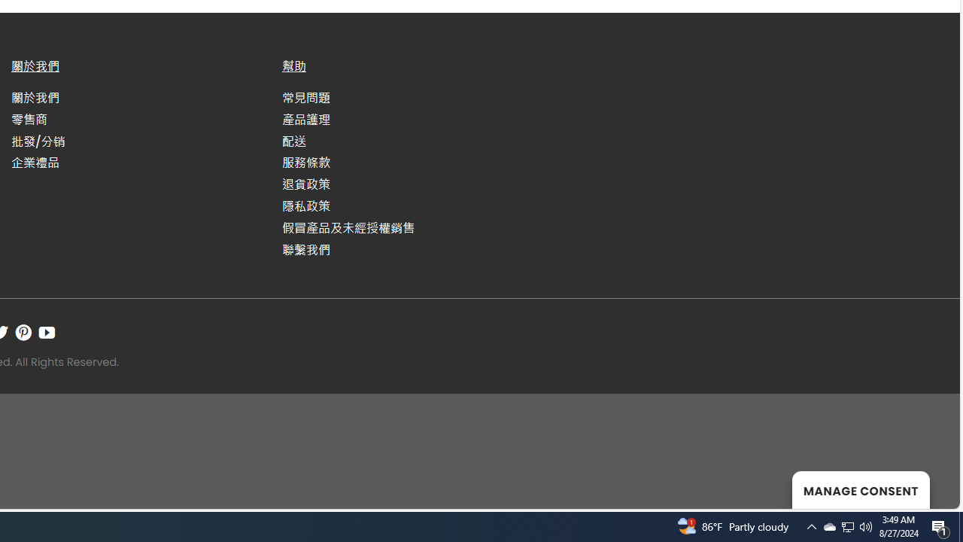  What do you see at coordinates (23, 331) in the screenshot?
I see `'Follow on Pinterest'` at bounding box center [23, 331].